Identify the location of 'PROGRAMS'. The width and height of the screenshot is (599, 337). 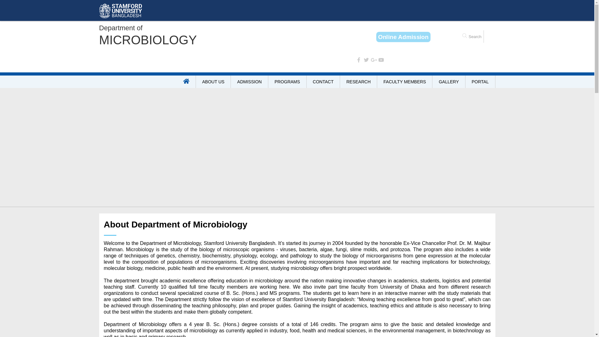
(268, 81).